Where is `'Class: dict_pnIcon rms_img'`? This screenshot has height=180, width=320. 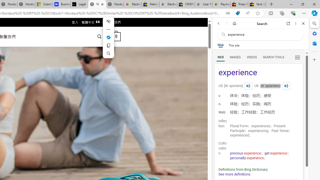 'Class: dict_pnIcon rms_img' is located at coordinates (286, 85).